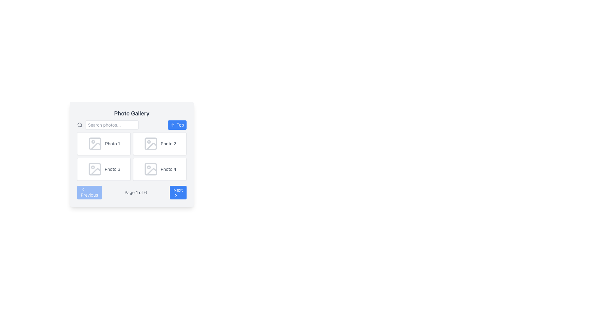 The image size is (597, 336). I want to click on the search bar with rounded corners that has the placeholder text 'Search photos...', so click(108, 125).